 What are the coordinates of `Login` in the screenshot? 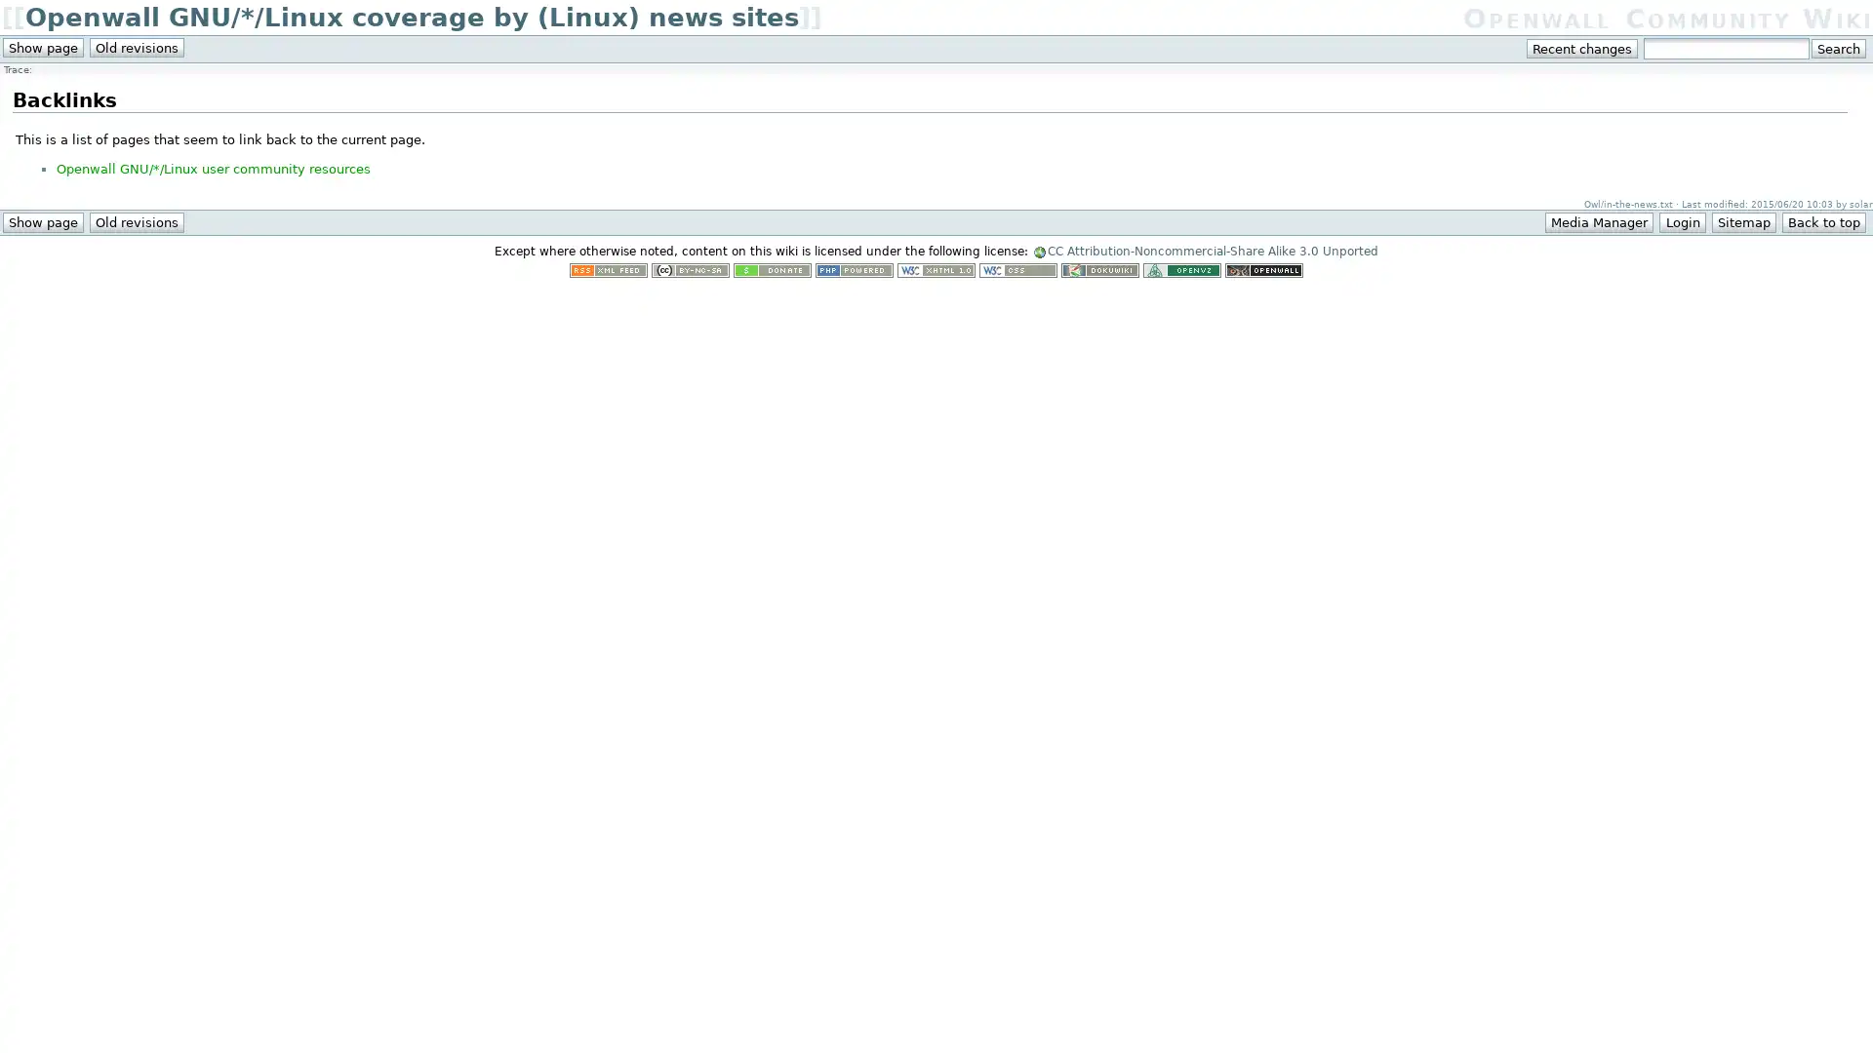 It's located at (1681, 220).